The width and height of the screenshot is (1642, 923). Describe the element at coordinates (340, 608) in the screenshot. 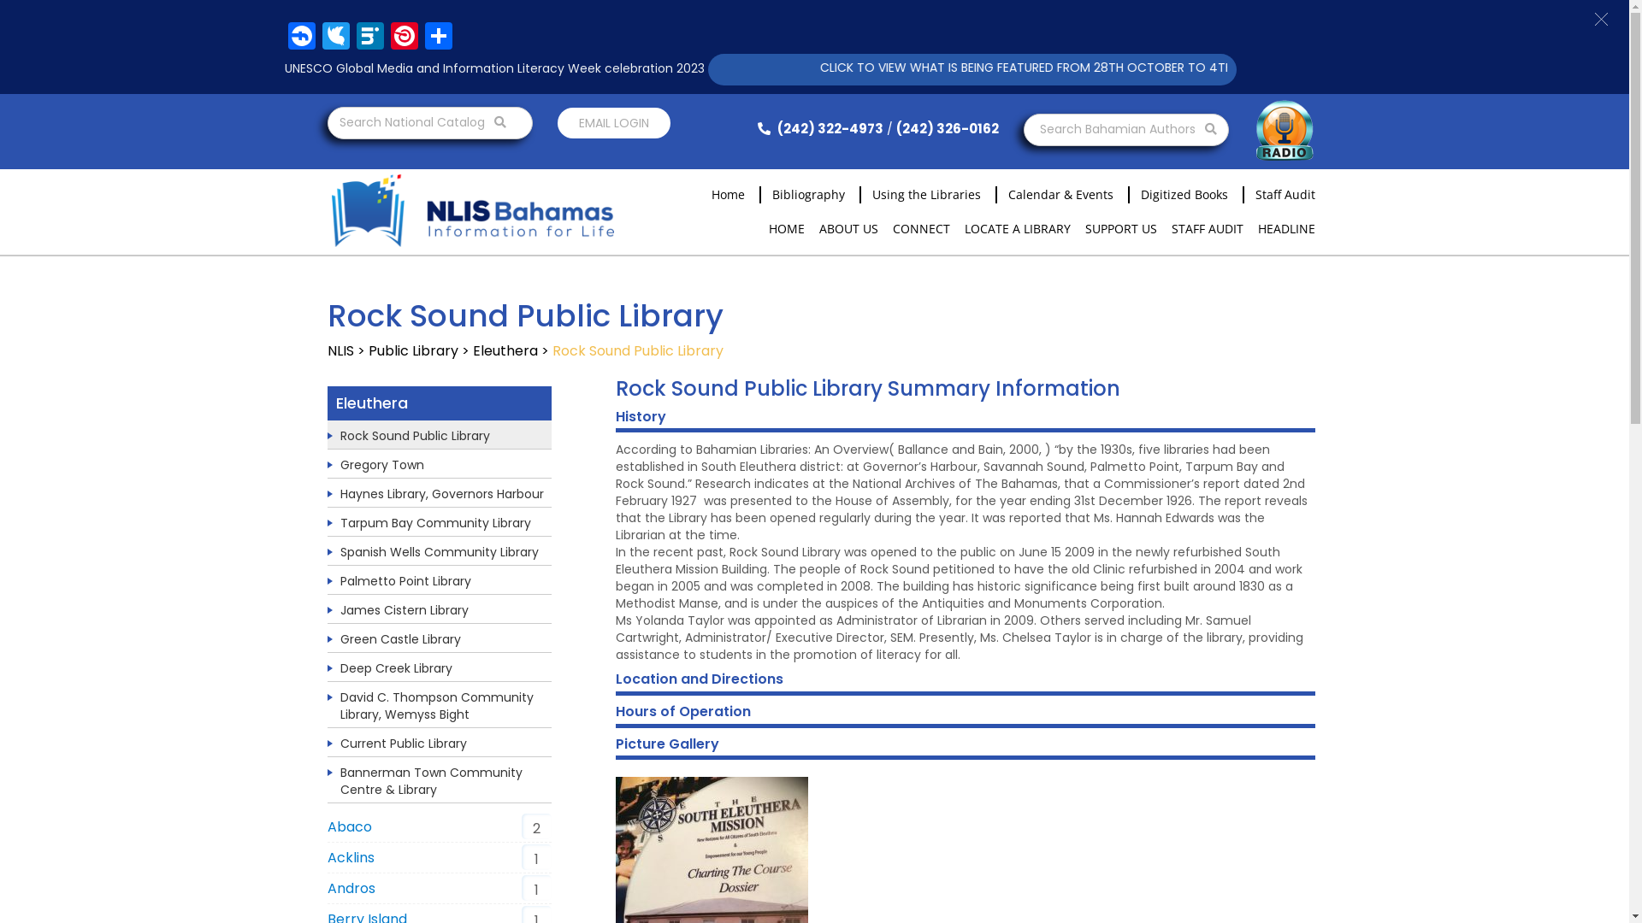

I see `'James Cistern Library'` at that location.